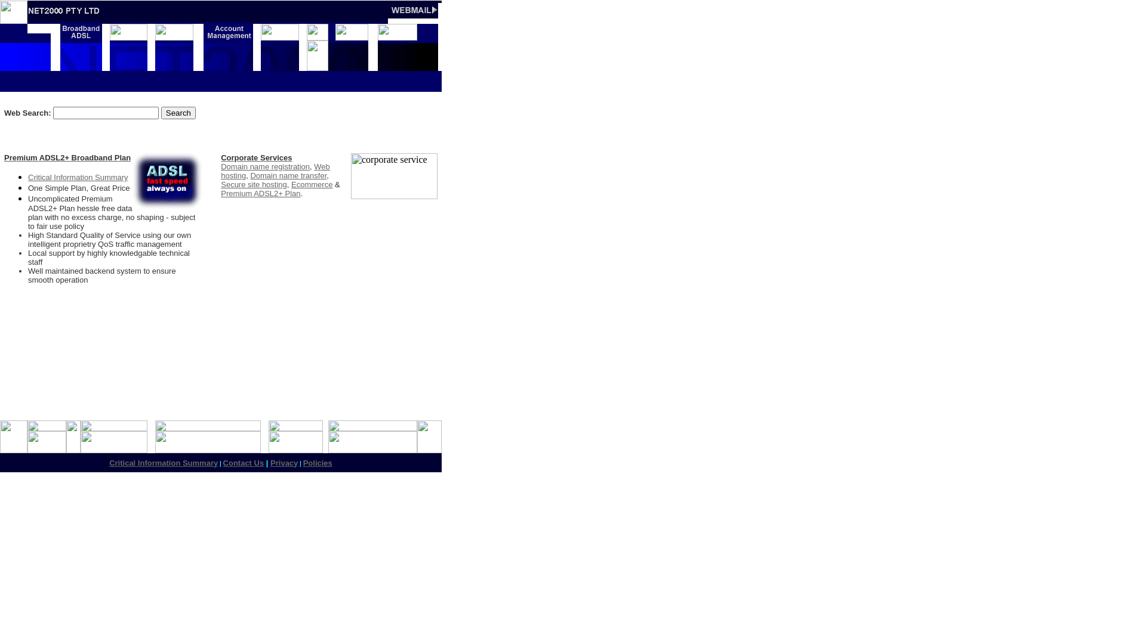 This screenshot has width=1146, height=644. I want to click on 'Critical Information Summary', so click(162, 463).